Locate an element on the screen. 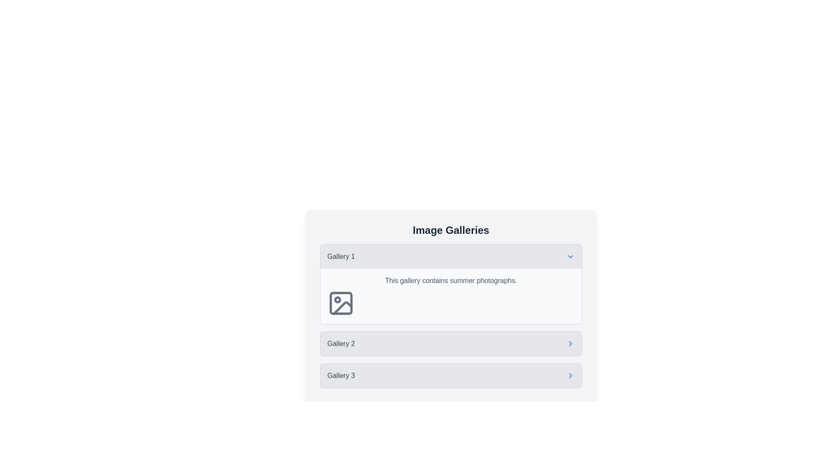  the 'Gallery 2' navigation button located in the vertical stack of gallery buttons is located at coordinates (451, 343).